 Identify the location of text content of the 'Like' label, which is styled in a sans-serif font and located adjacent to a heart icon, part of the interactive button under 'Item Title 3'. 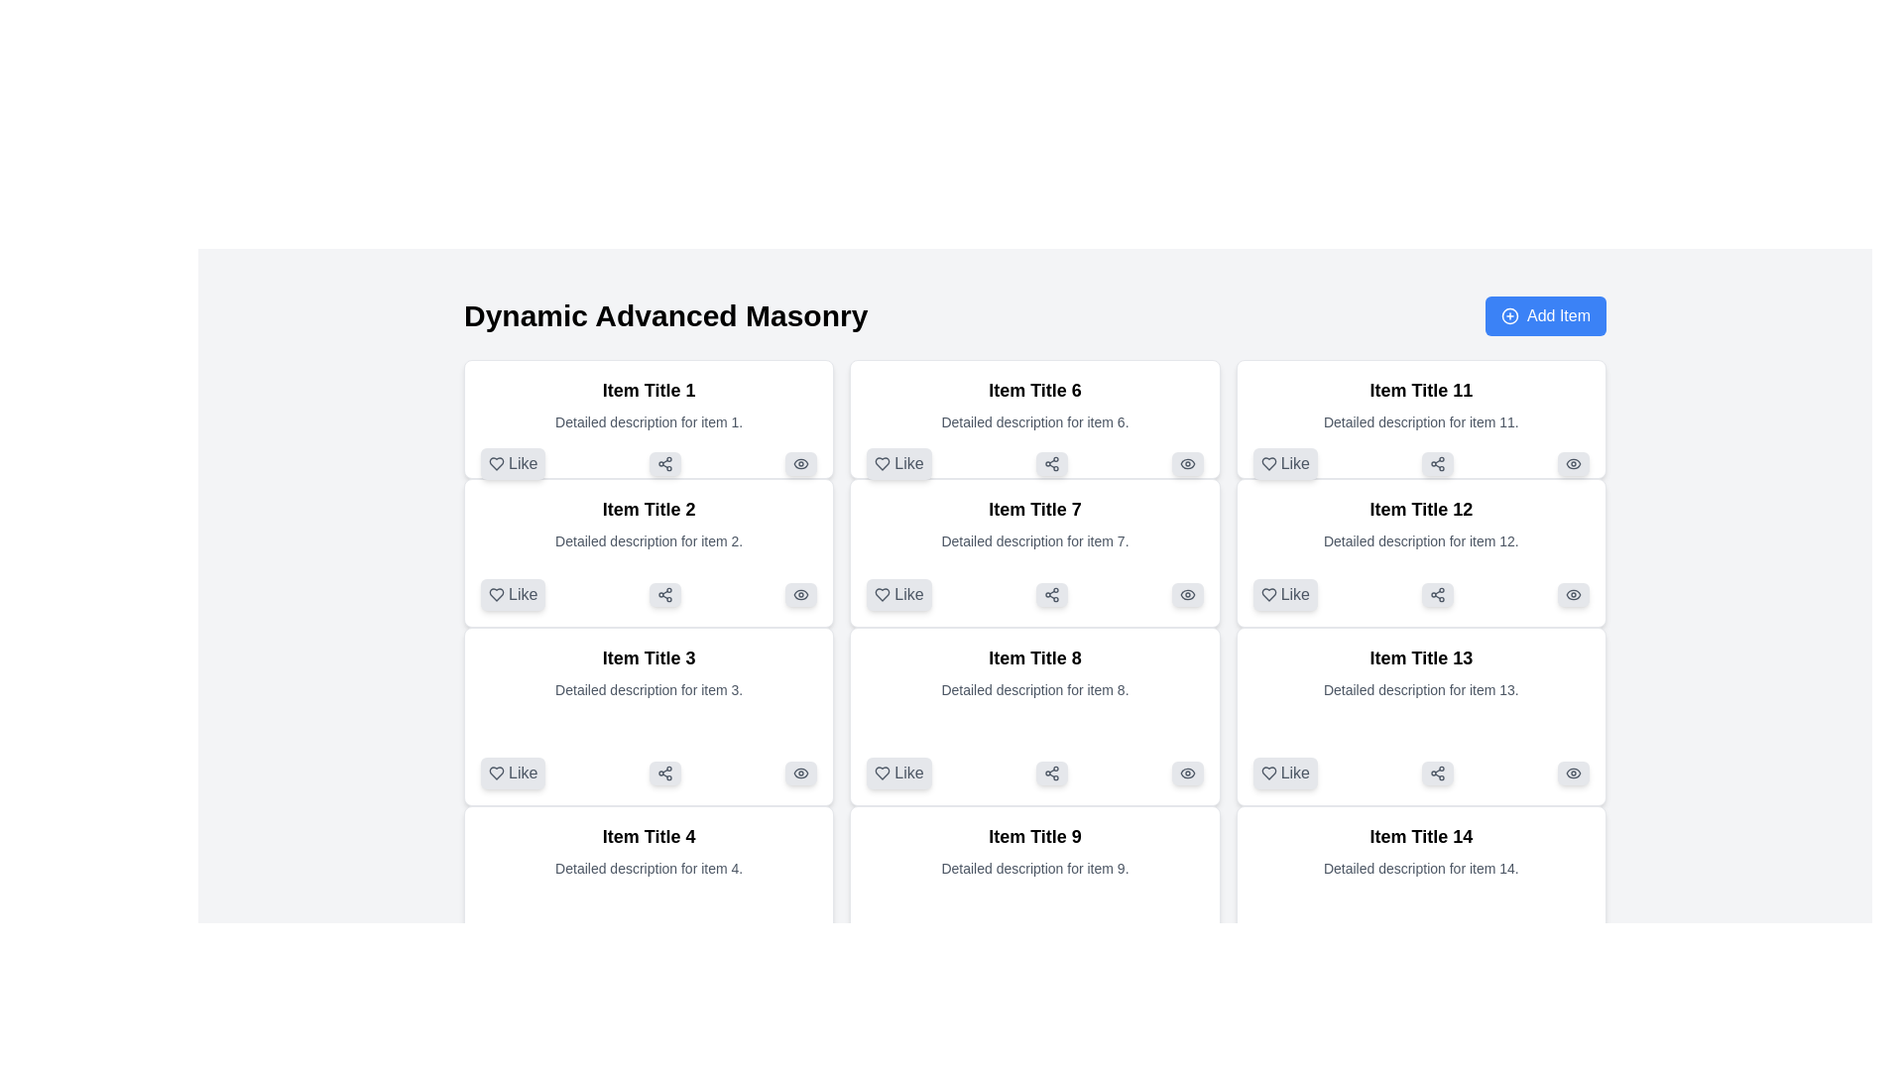
(523, 772).